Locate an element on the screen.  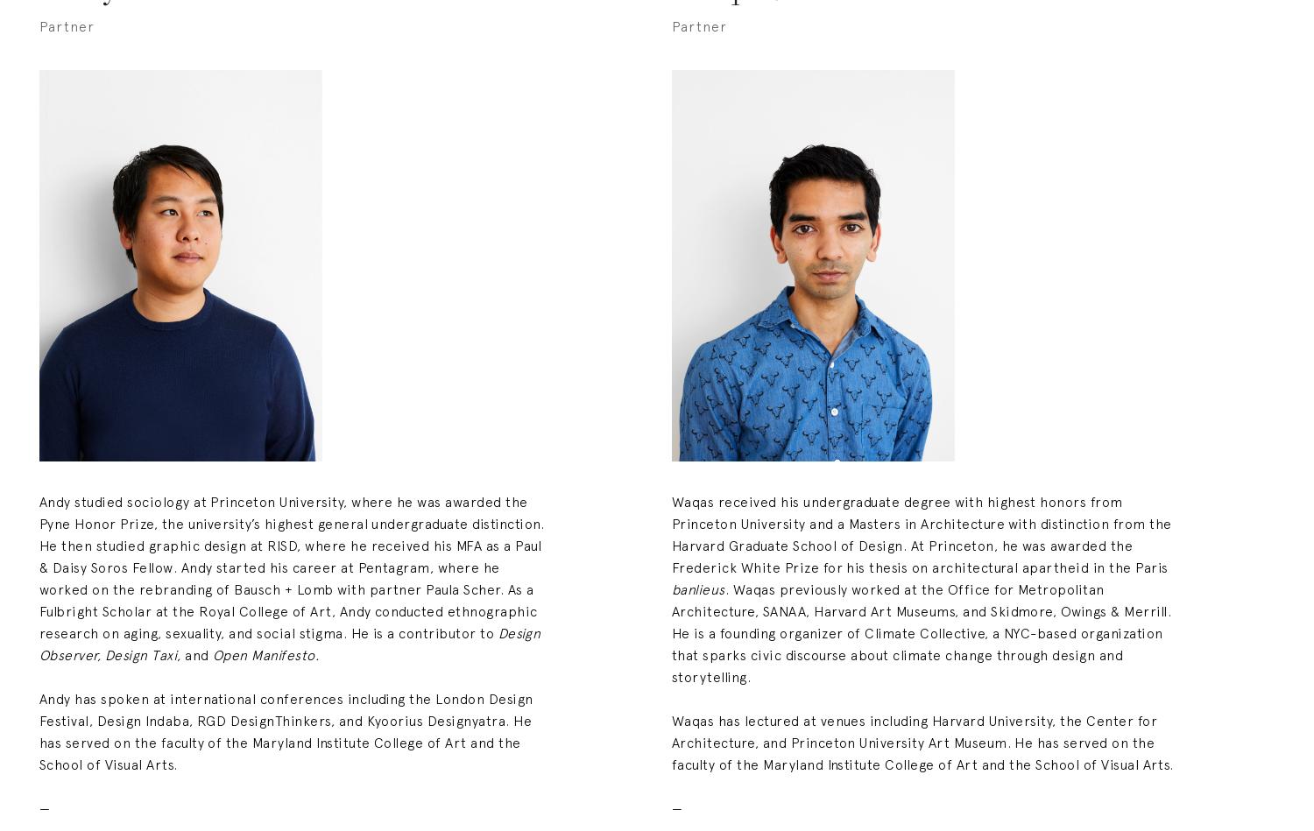
'Andy has spoken at international conferences including the London Design Festival, Design Indaba, RGD DesignThinkers, and Kyoorius Designyatra. He has served on the faculty of the Maryland Institute College of Art and the School of Visual Arts.' is located at coordinates (286, 729).